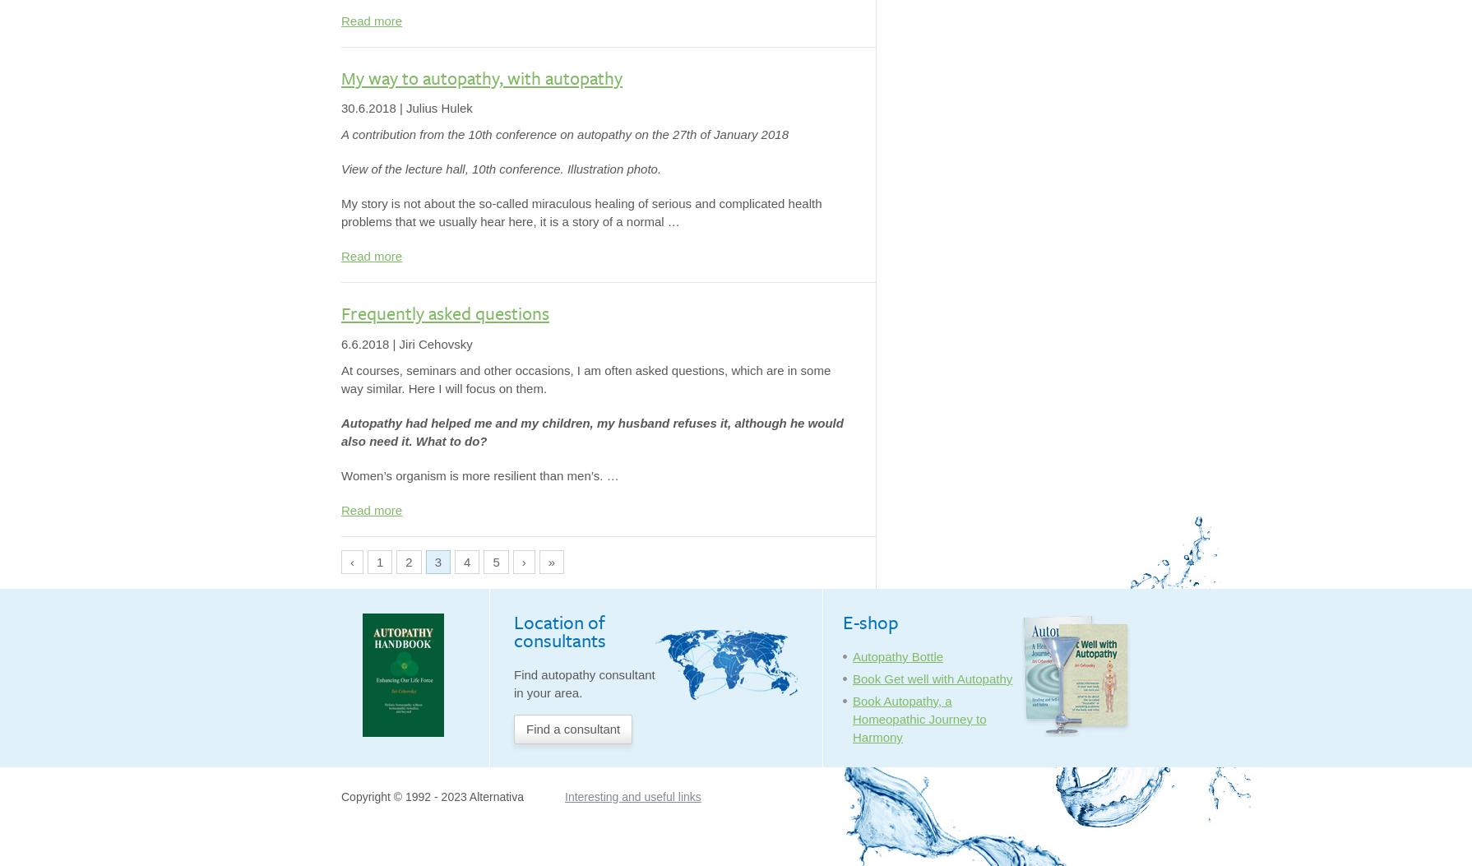 The height and width of the screenshot is (866, 1472). I want to click on '30.6.2018', so click(340, 108).